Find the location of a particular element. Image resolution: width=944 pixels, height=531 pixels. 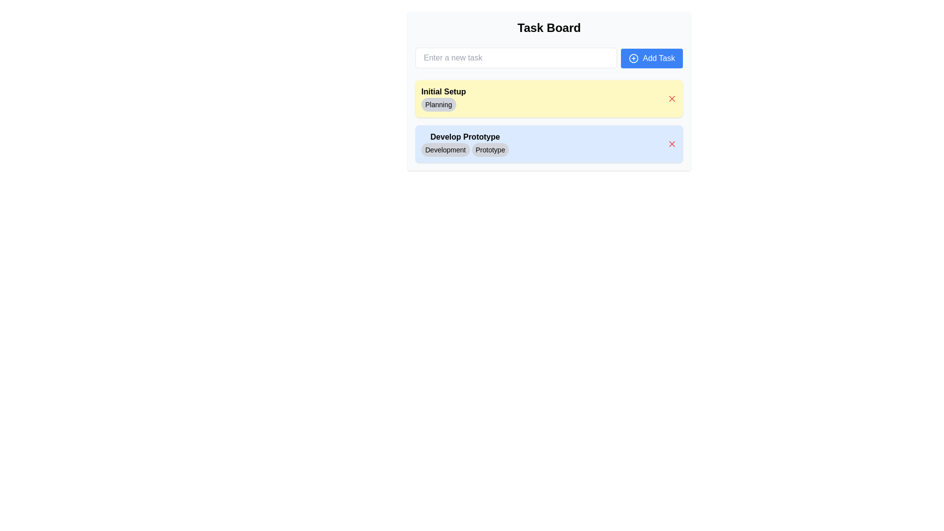

the first tag in the 'Initial Setup' task box, which categorizes the task under 'Planning' is located at coordinates (443, 98).